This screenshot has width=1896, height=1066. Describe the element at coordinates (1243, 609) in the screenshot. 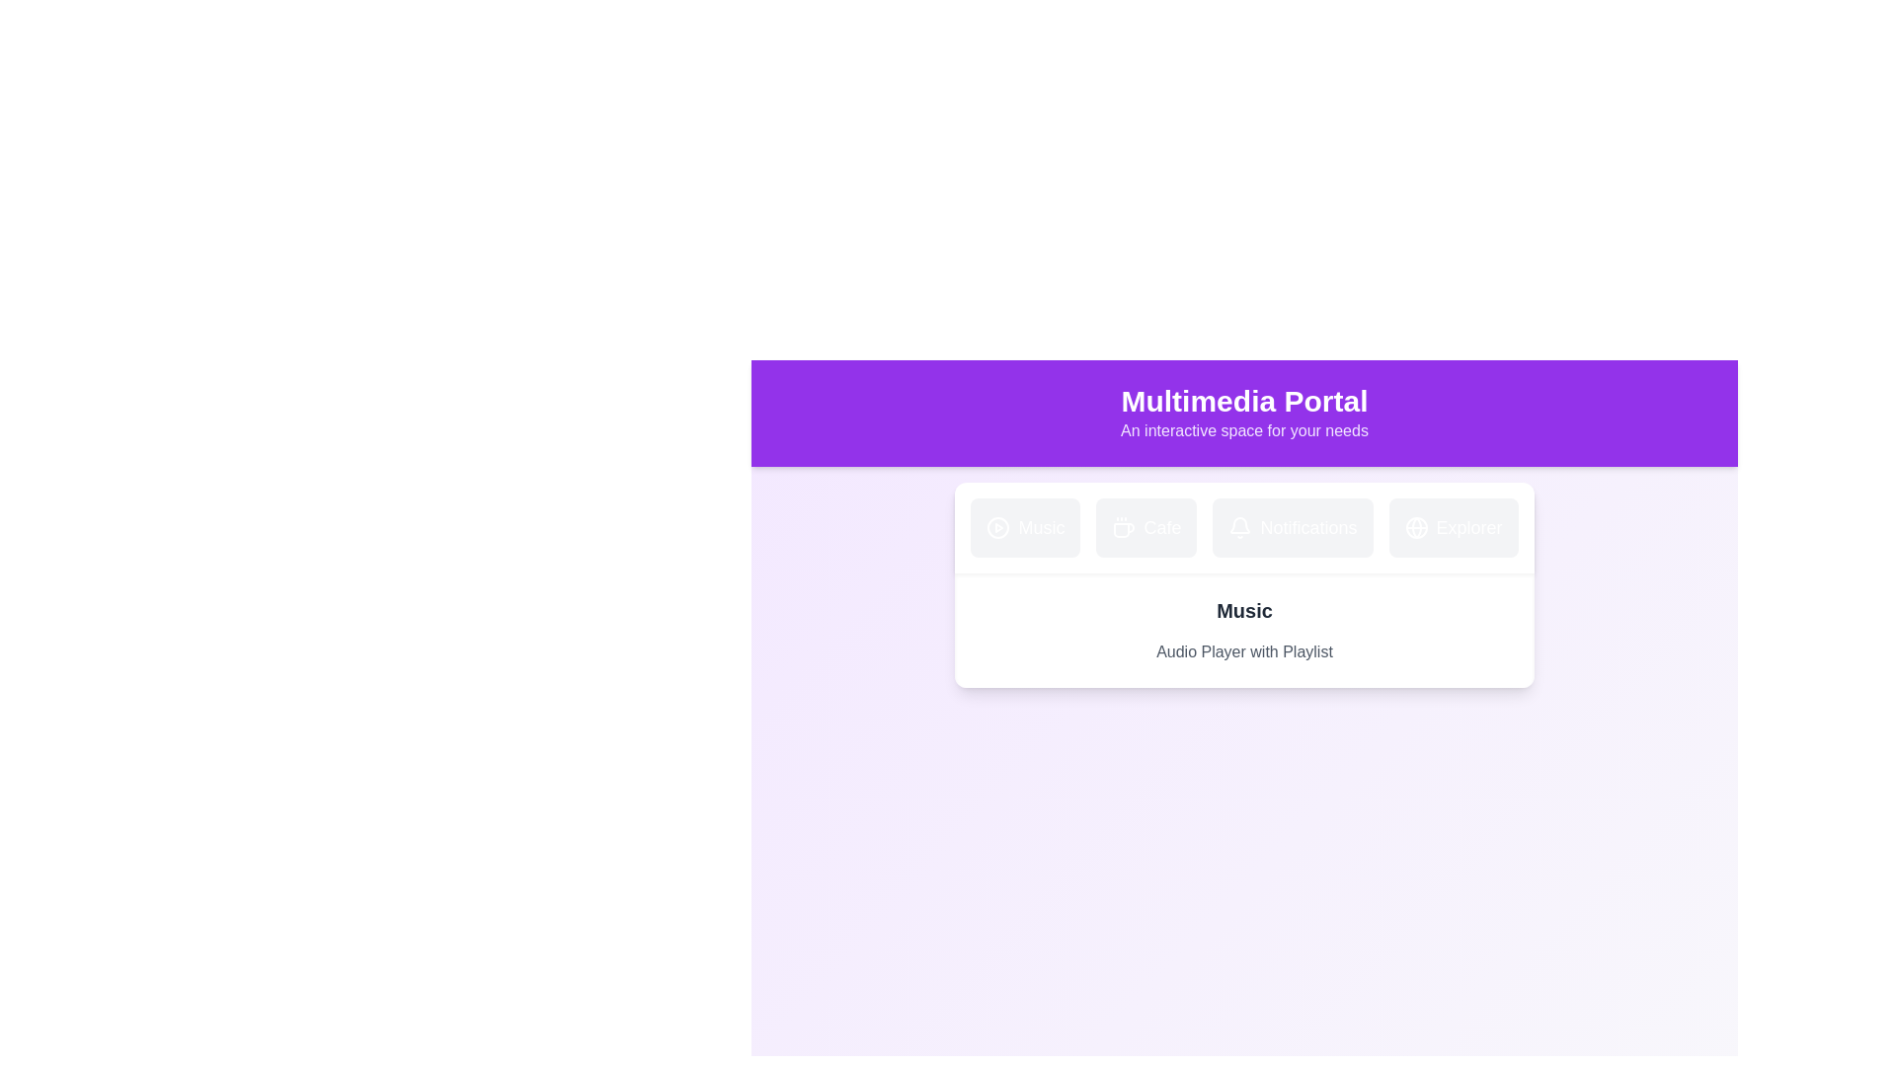

I see `text label that serves as a heading for the music section, positioned above the subtext 'Audio Player with Playlist'` at that location.